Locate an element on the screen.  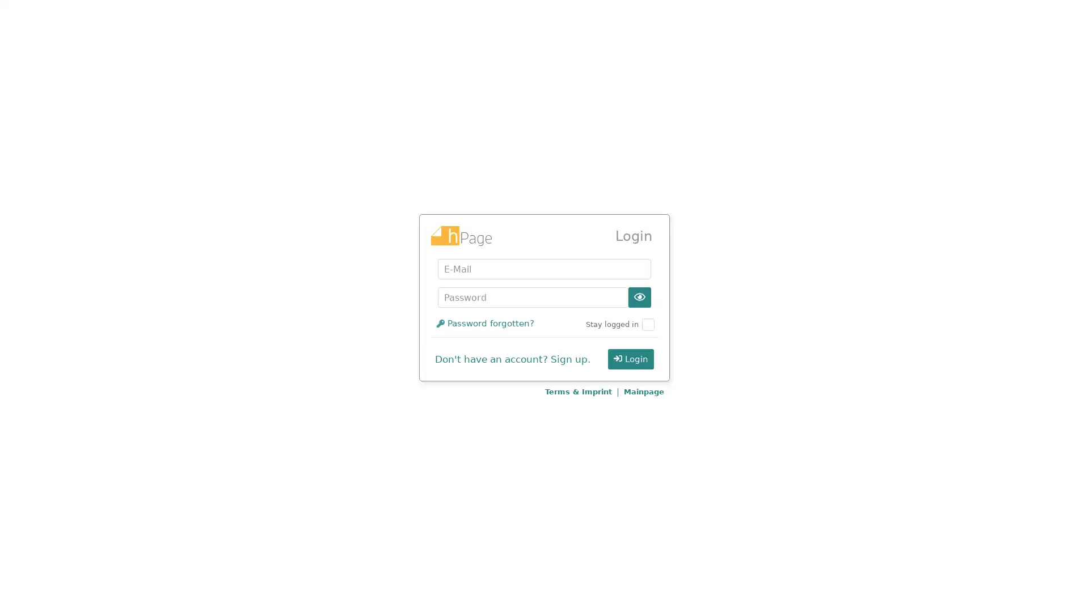
Login is located at coordinates (630, 359).